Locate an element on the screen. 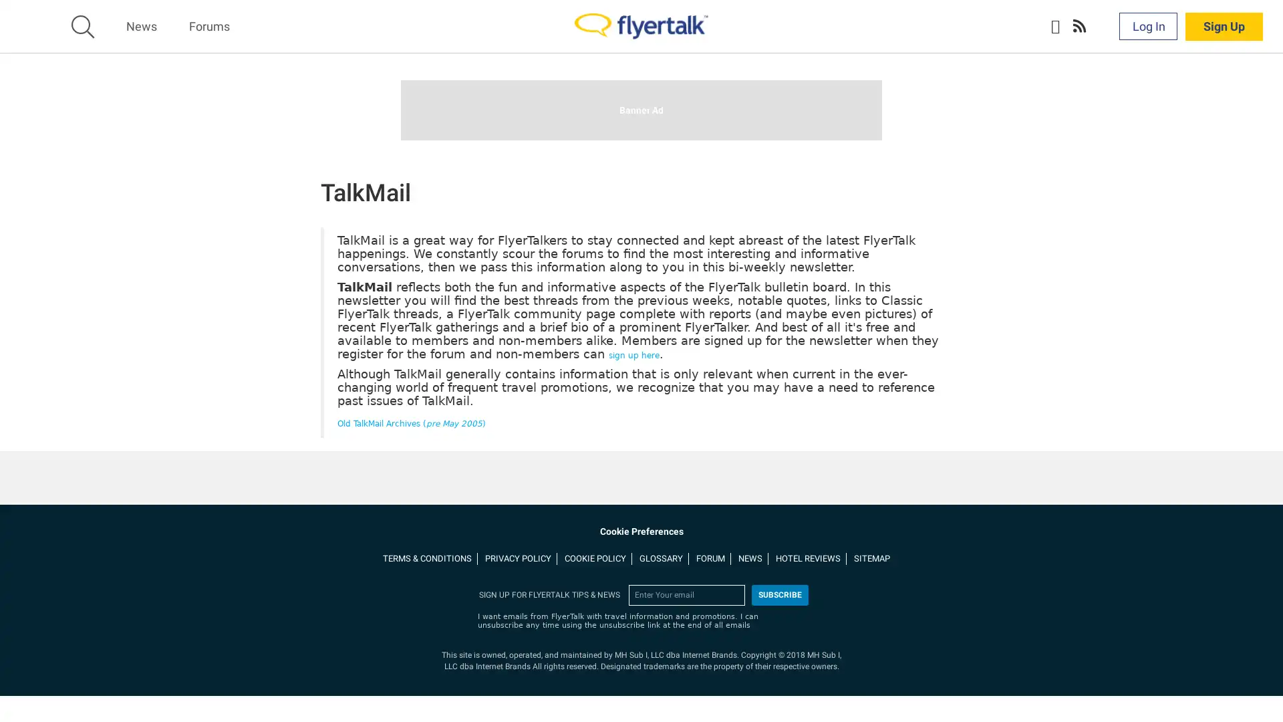 The width and height of the screenshot is (1283, 722). subscribe is located at coordinates (779, 654).